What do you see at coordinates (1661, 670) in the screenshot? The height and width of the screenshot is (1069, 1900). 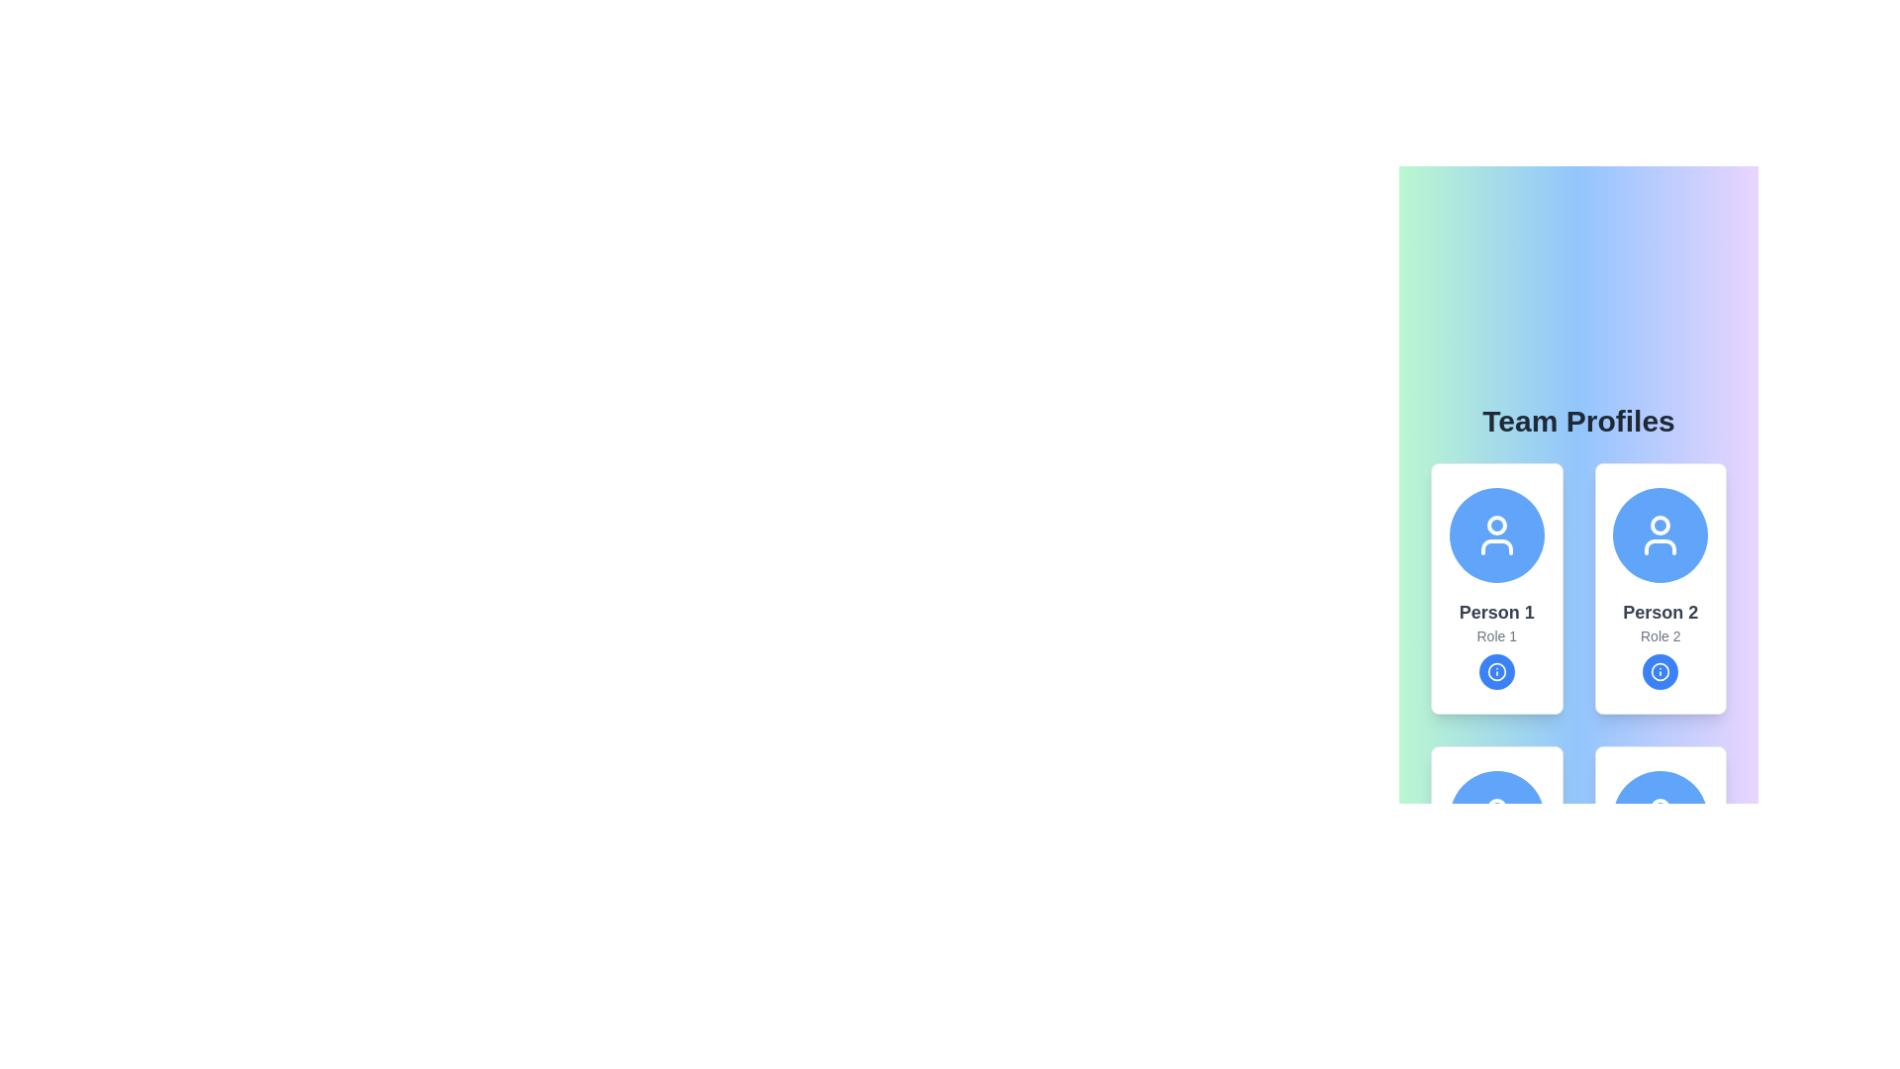 I see `the circular icon element representing an information symbol, located beneath the second profile card in the 'Team Profiles' section` at bounding box center [1661, 670].